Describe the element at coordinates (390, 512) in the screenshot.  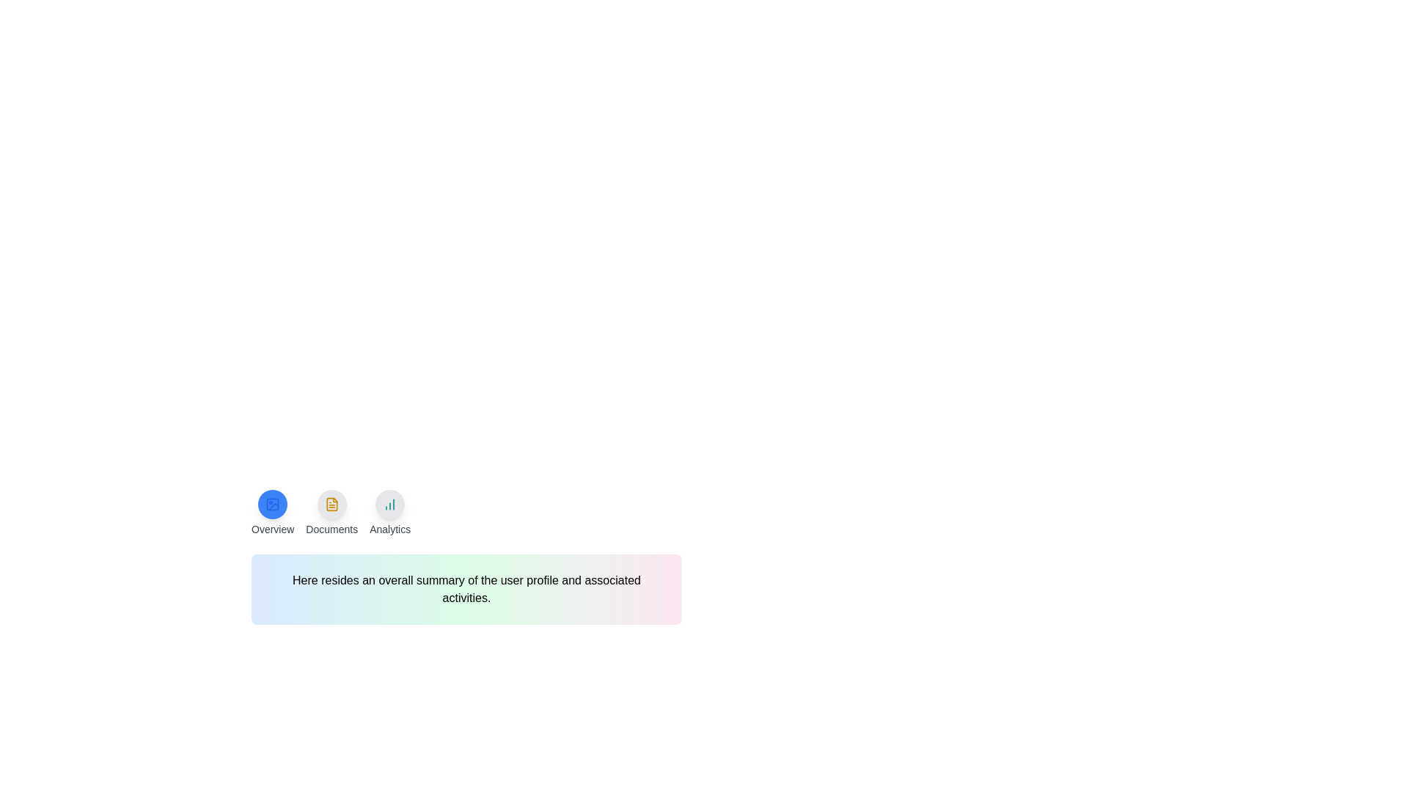
I see `the 'Analytics' navigation button, which is the third button in a horizontal row of three buttons located towards the middle-bottom of the display` at that location.